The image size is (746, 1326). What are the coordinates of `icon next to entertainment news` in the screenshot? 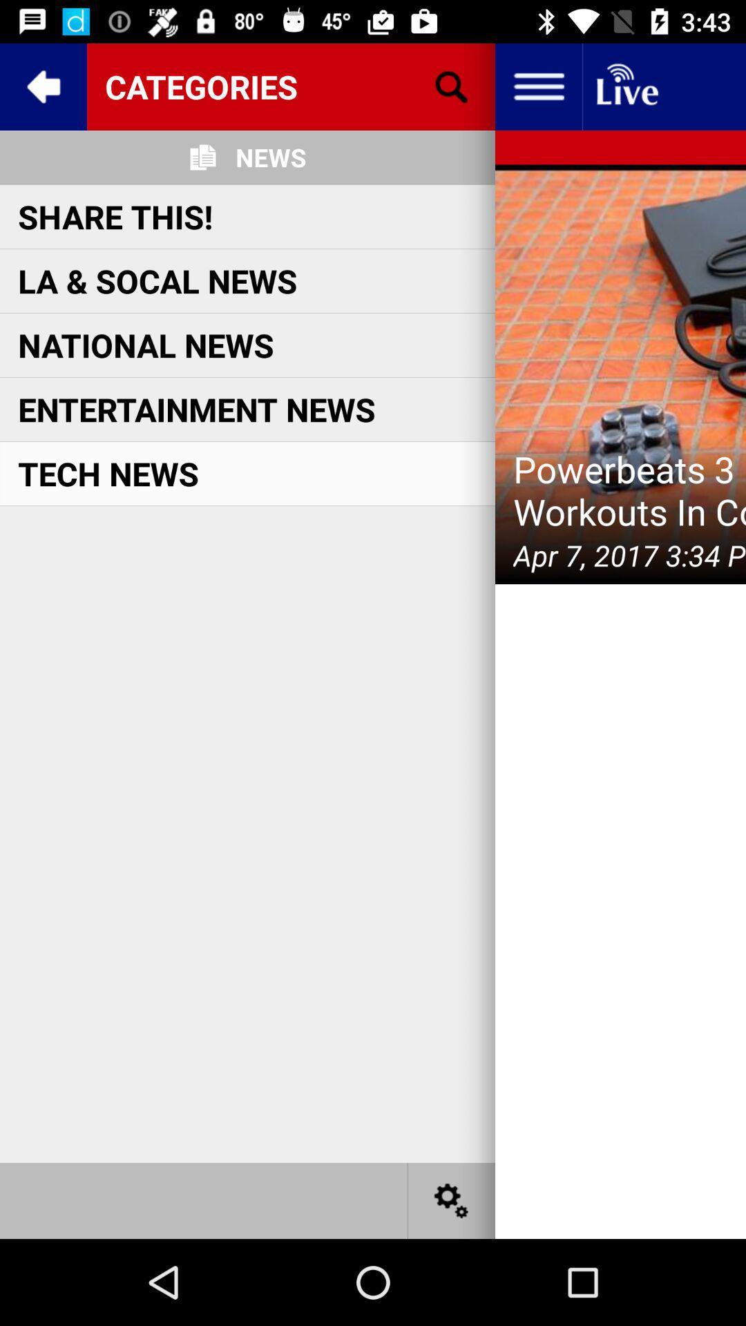 It's located at (620, 374).